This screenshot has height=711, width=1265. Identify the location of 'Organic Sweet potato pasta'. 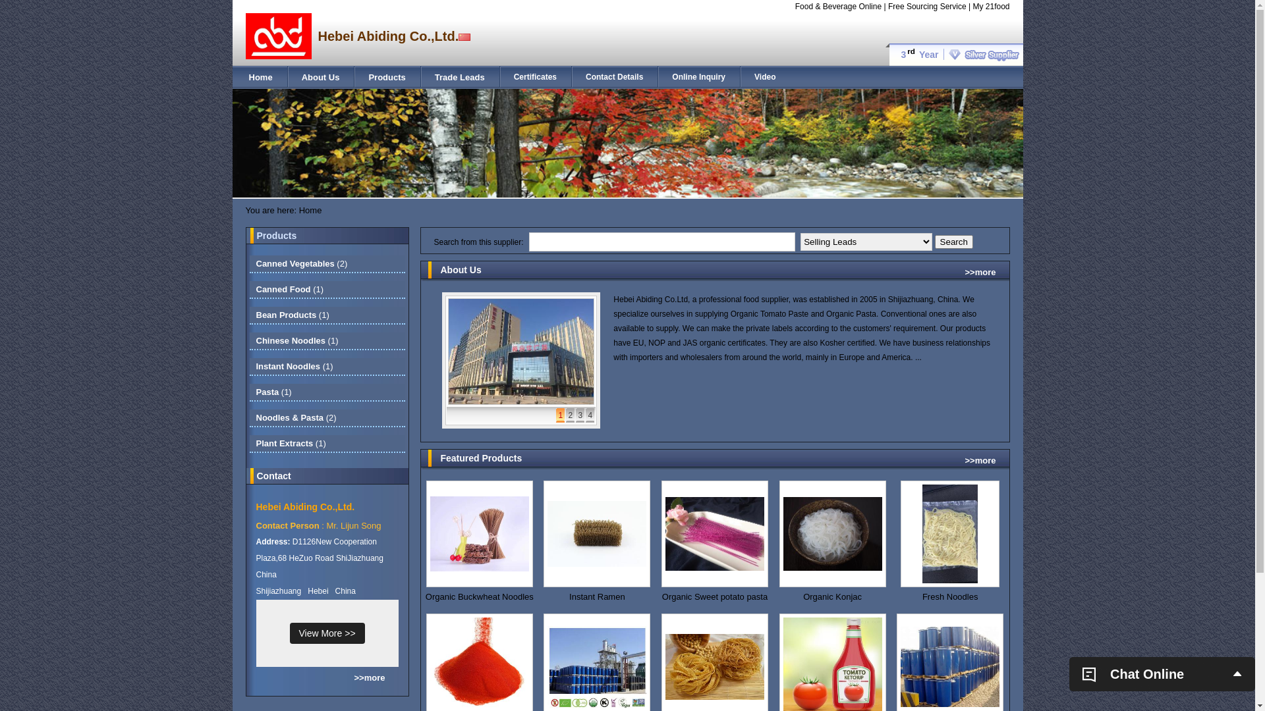
(714, 596).